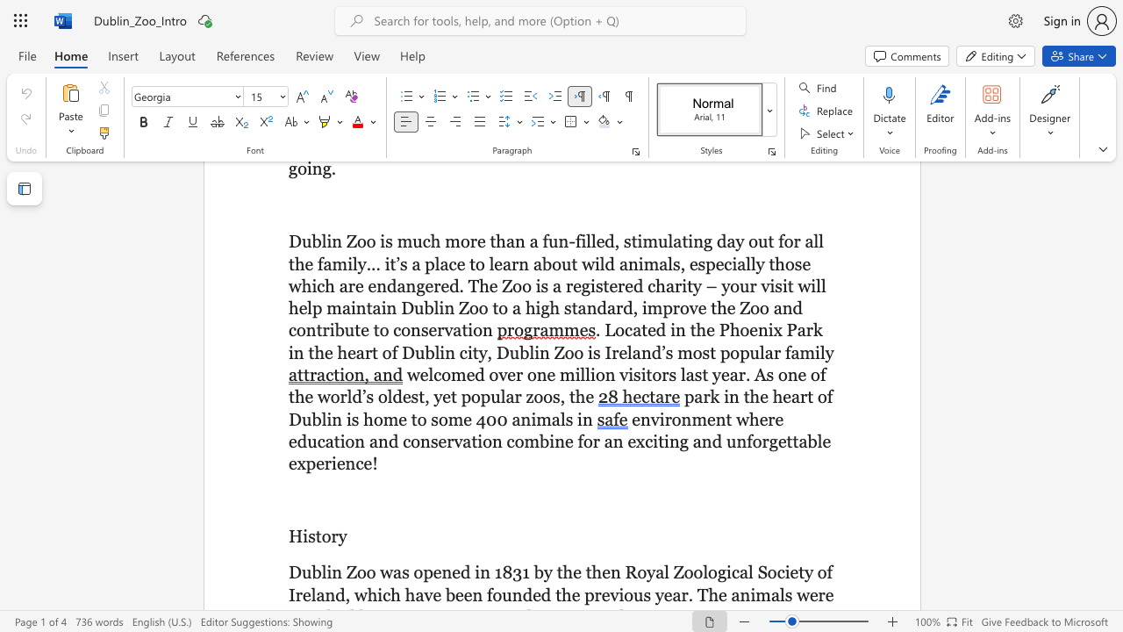 This screenshot has width=1123, height=632. Describe the element at coordinates (347, 397) in the screenshot. I see `the subset text "ld’s ol" within the text "welcomed over one million visitors last year. As one of the world’s oldest,"` at that location.